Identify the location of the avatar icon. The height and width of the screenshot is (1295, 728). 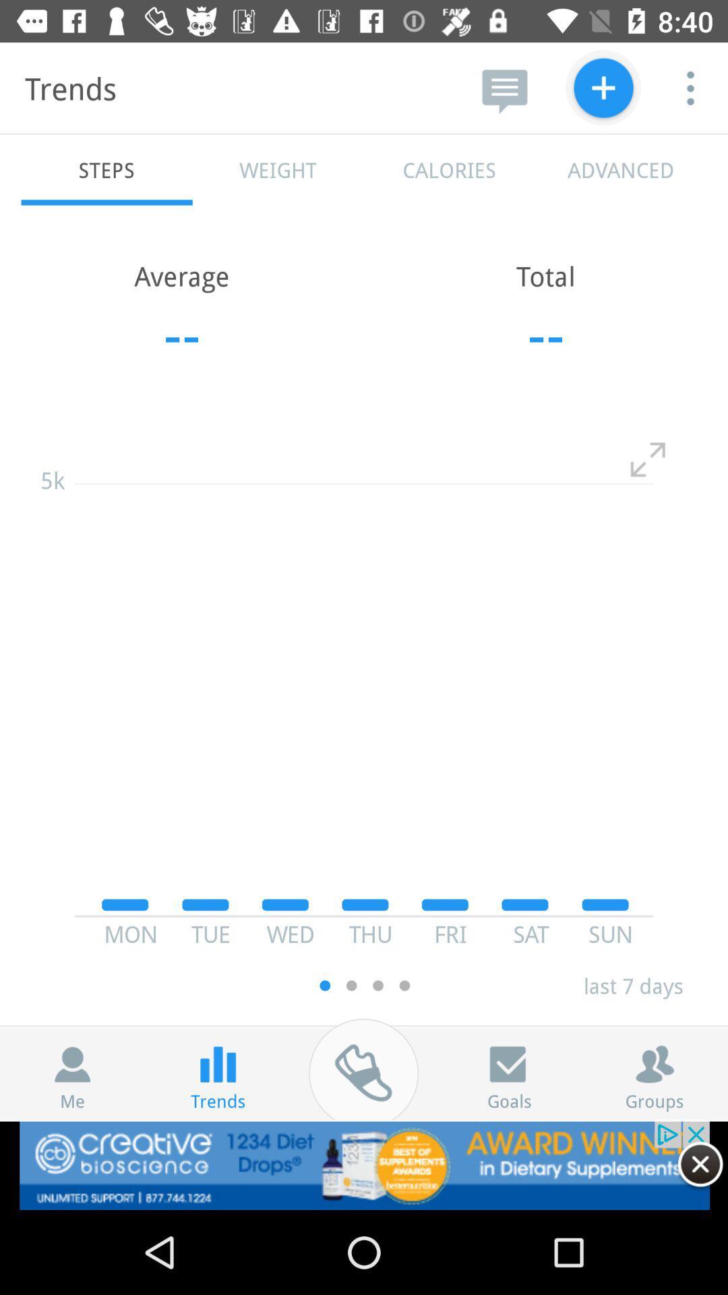
(72, 1064).